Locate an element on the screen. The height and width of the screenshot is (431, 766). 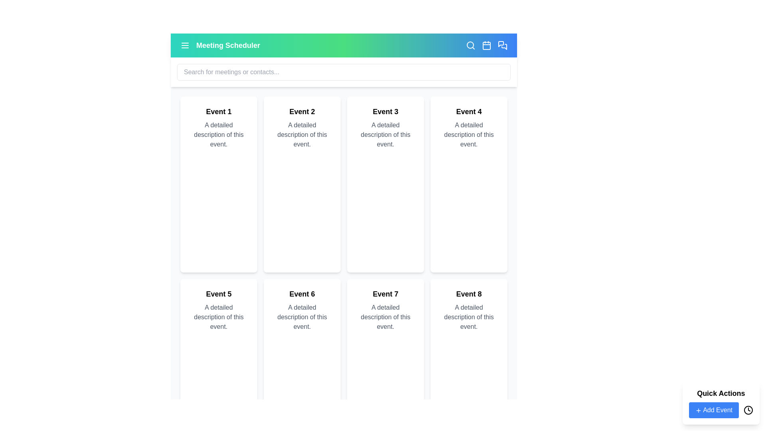
search icon's lens element located in the top-right section of the interface within the navigation bar is located at coordinates (470, 45).